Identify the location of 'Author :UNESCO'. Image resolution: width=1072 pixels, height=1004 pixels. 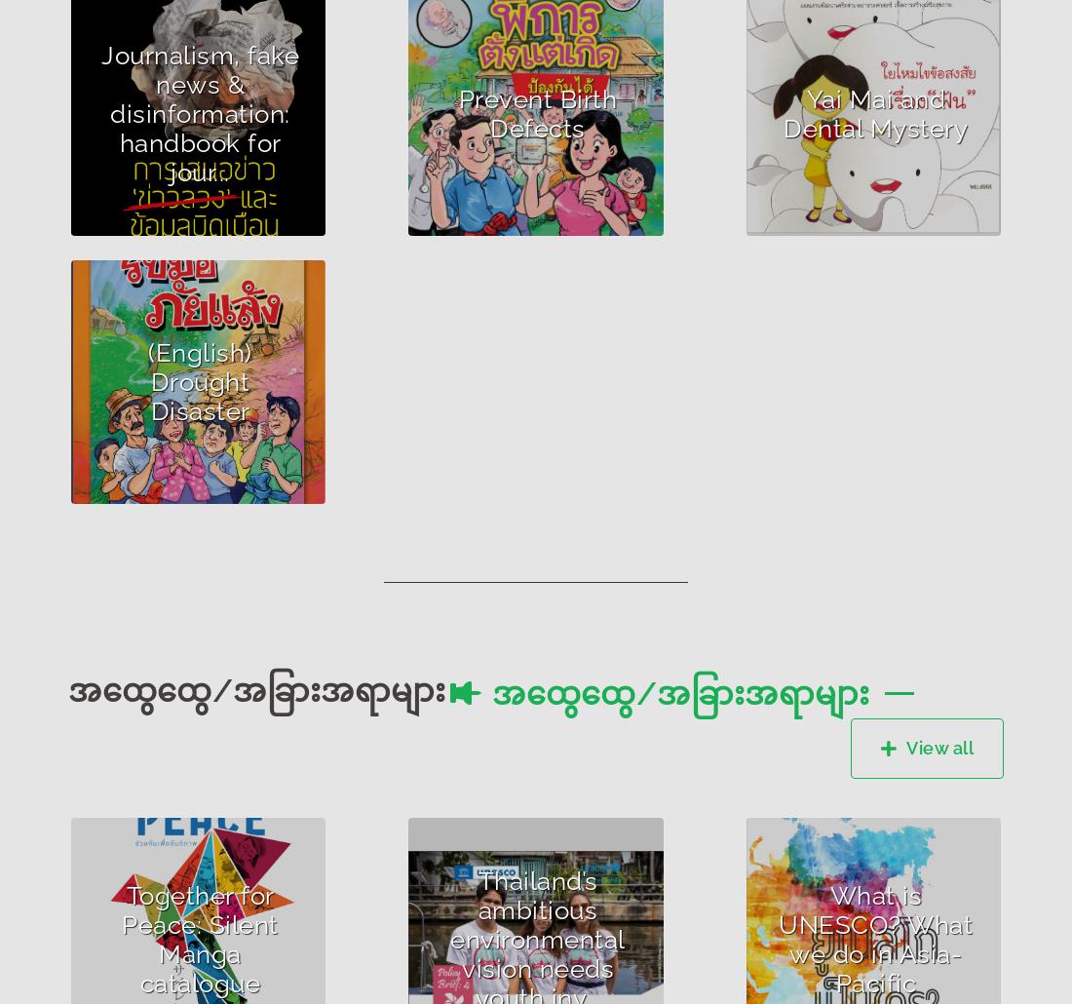
(161, 77).